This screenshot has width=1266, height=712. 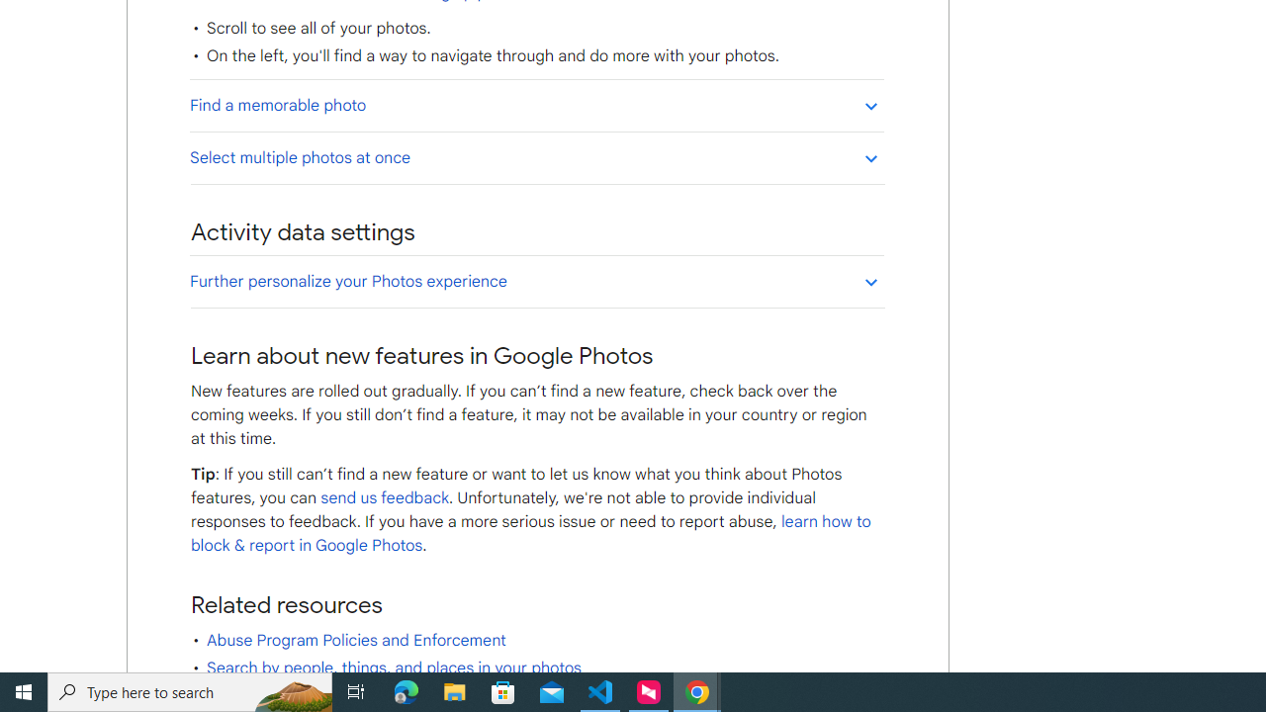 What do you see at coordinates (536, 156) in the screenshot?
I see `'Select multiple photos at once'` at bounding box center [536, 156].